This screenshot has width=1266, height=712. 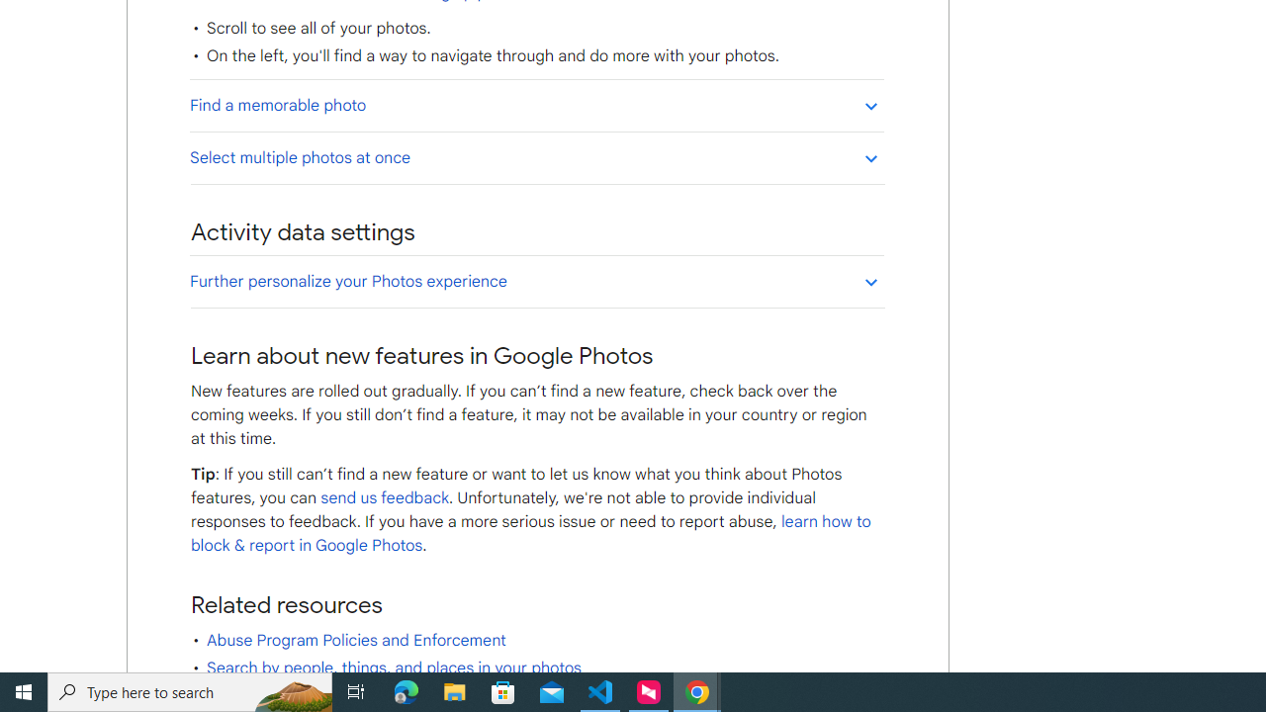 What do you see at coordinates (536, 156) in the screenshot?
I see `'Select multiple photos at once'` at bounding box center [536, 156].